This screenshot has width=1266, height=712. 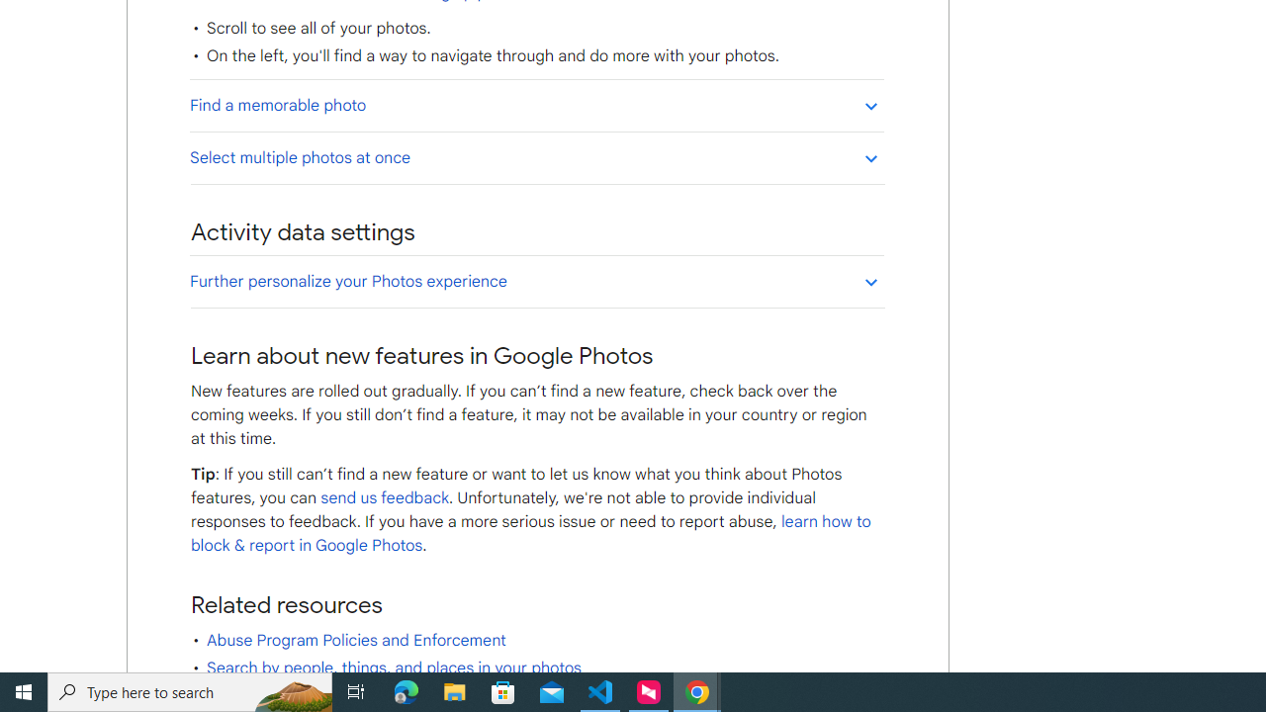 What do you see at coordinates (536, 156) in the screenshot?
I see `'Select multiple photos at once'` at bounding box center [536, 156].